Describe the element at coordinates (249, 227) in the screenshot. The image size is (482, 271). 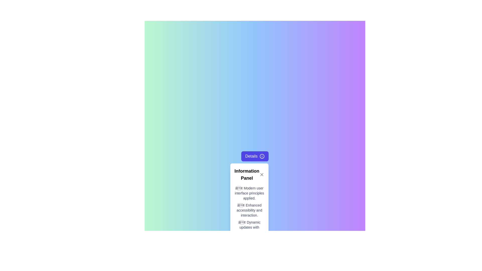
I see `the third bullet point in the 'Information Panel' card that contains the text 'Dynamic updates with smooth transitions'` at that location.